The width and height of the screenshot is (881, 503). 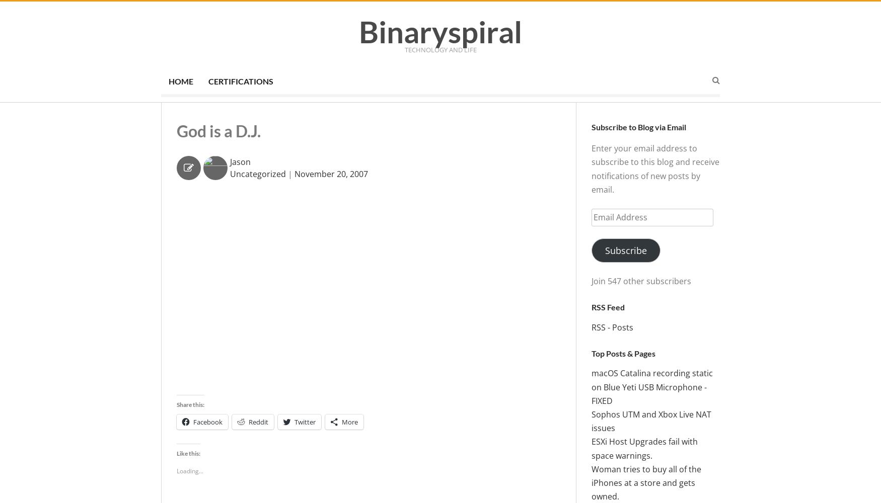 I want to click on 'Loading...', so click(x=189, y=470).